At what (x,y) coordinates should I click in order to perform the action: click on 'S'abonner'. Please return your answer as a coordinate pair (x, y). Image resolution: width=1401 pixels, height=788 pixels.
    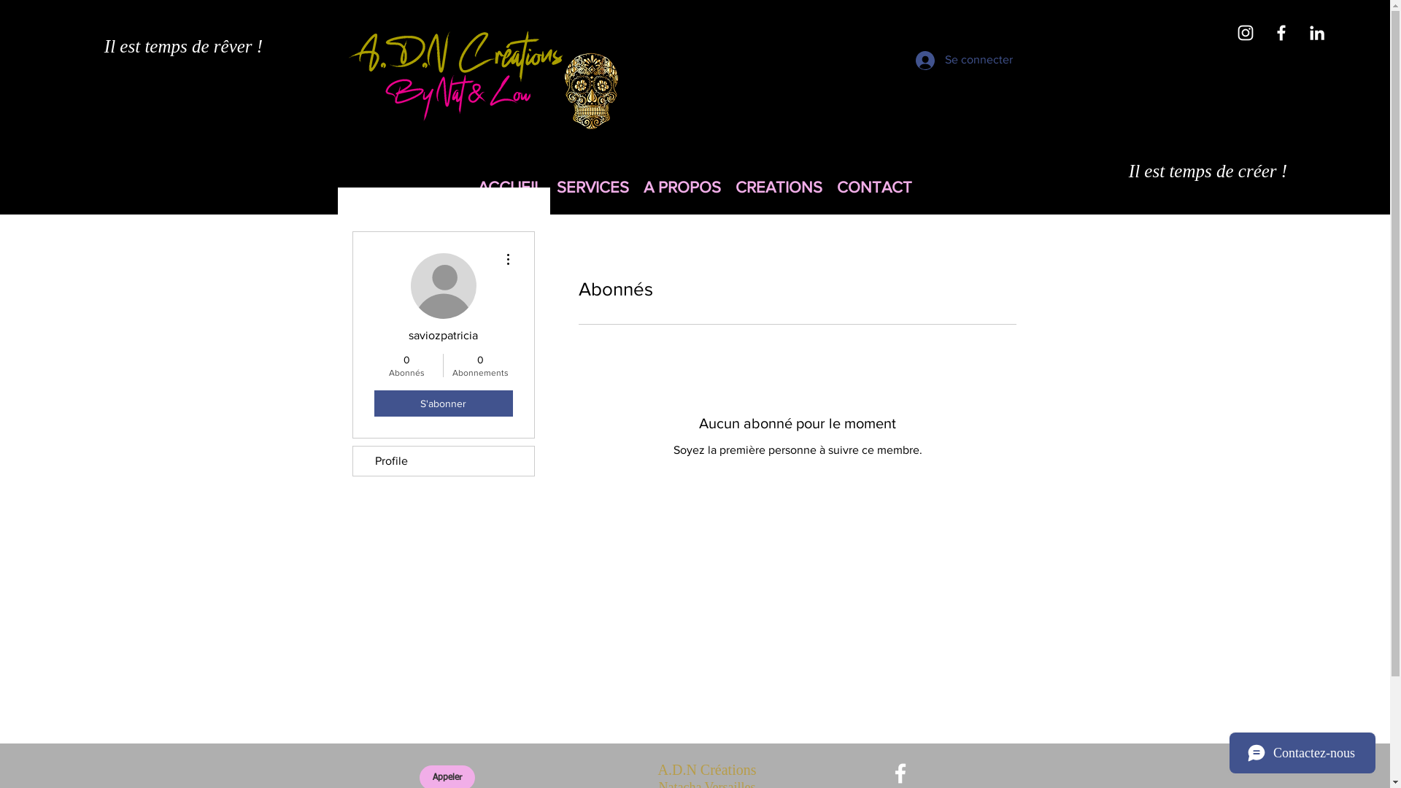
    Looking at the image, I should click on (441, 403).